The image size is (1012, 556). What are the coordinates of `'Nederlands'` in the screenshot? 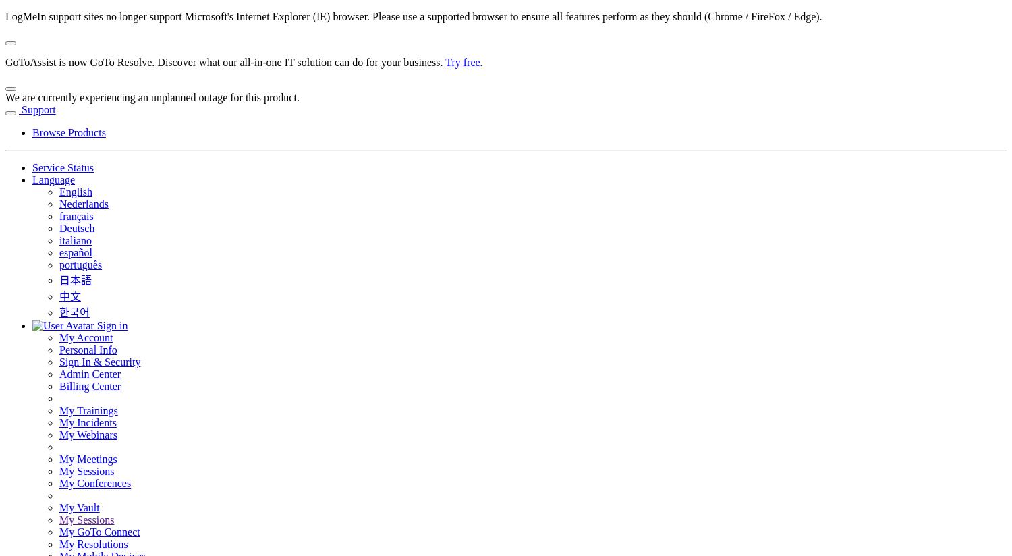 It's located at (83, 203).